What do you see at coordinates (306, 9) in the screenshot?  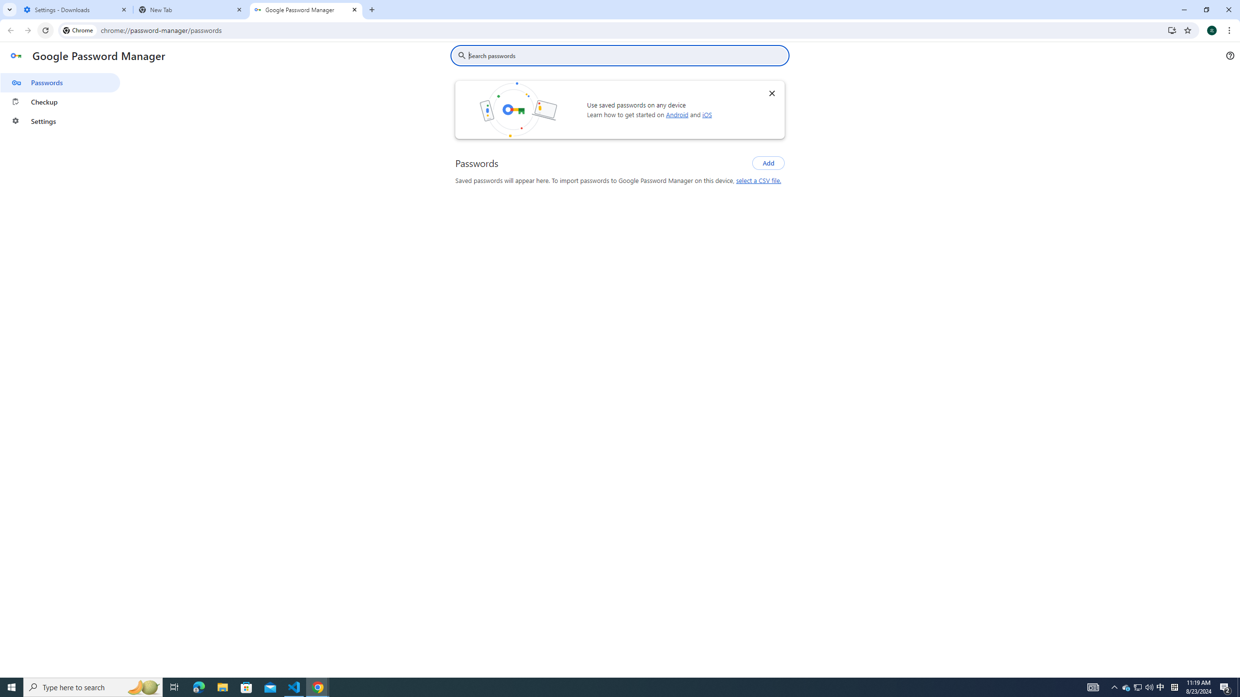 I see `'Google Password Manager'` at bounding box center [306, 9].